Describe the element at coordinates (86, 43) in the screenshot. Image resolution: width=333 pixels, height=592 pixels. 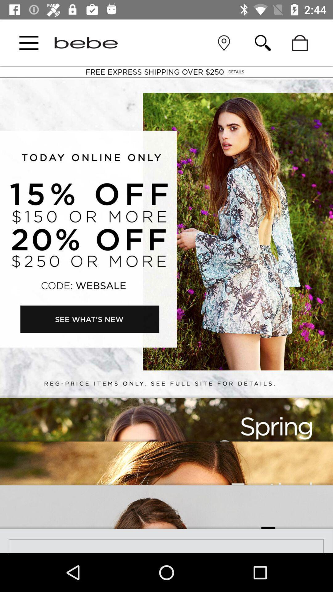
I see `homepage` at that location.